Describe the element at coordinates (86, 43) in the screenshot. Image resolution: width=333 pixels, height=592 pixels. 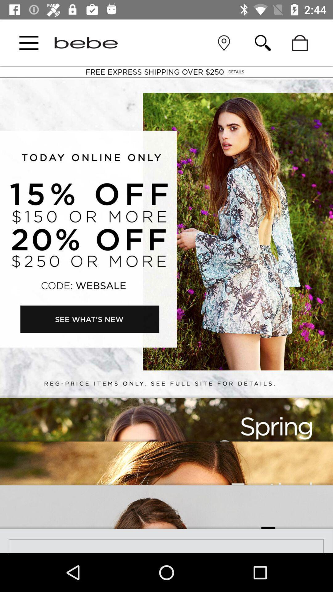
I see `homepage` at that location.